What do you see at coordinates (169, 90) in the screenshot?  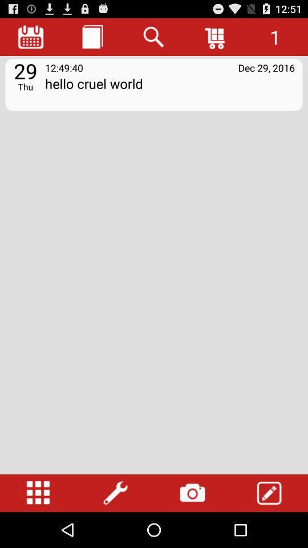 I see `the hello cruel world item` at bounding box center [169, 90].